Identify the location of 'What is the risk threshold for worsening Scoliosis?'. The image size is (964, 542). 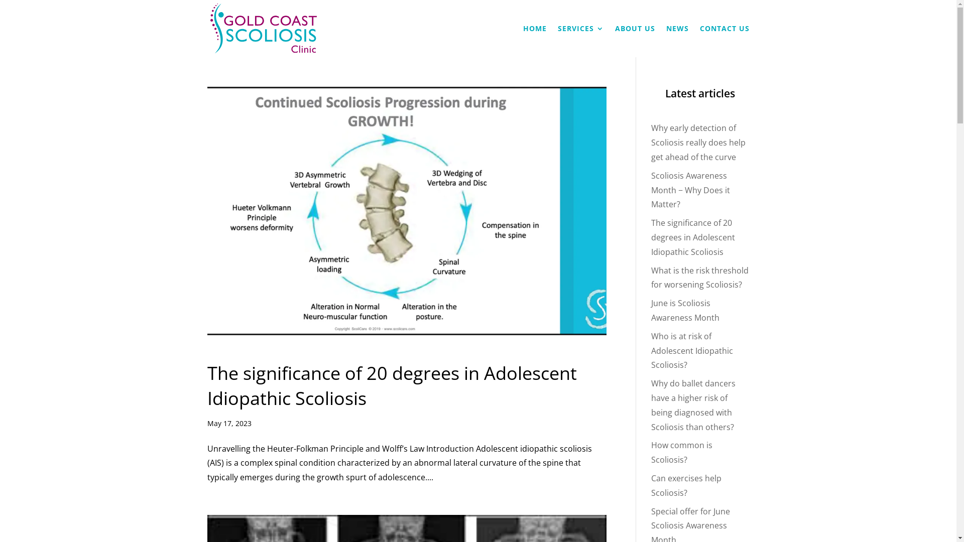
(699, 278).